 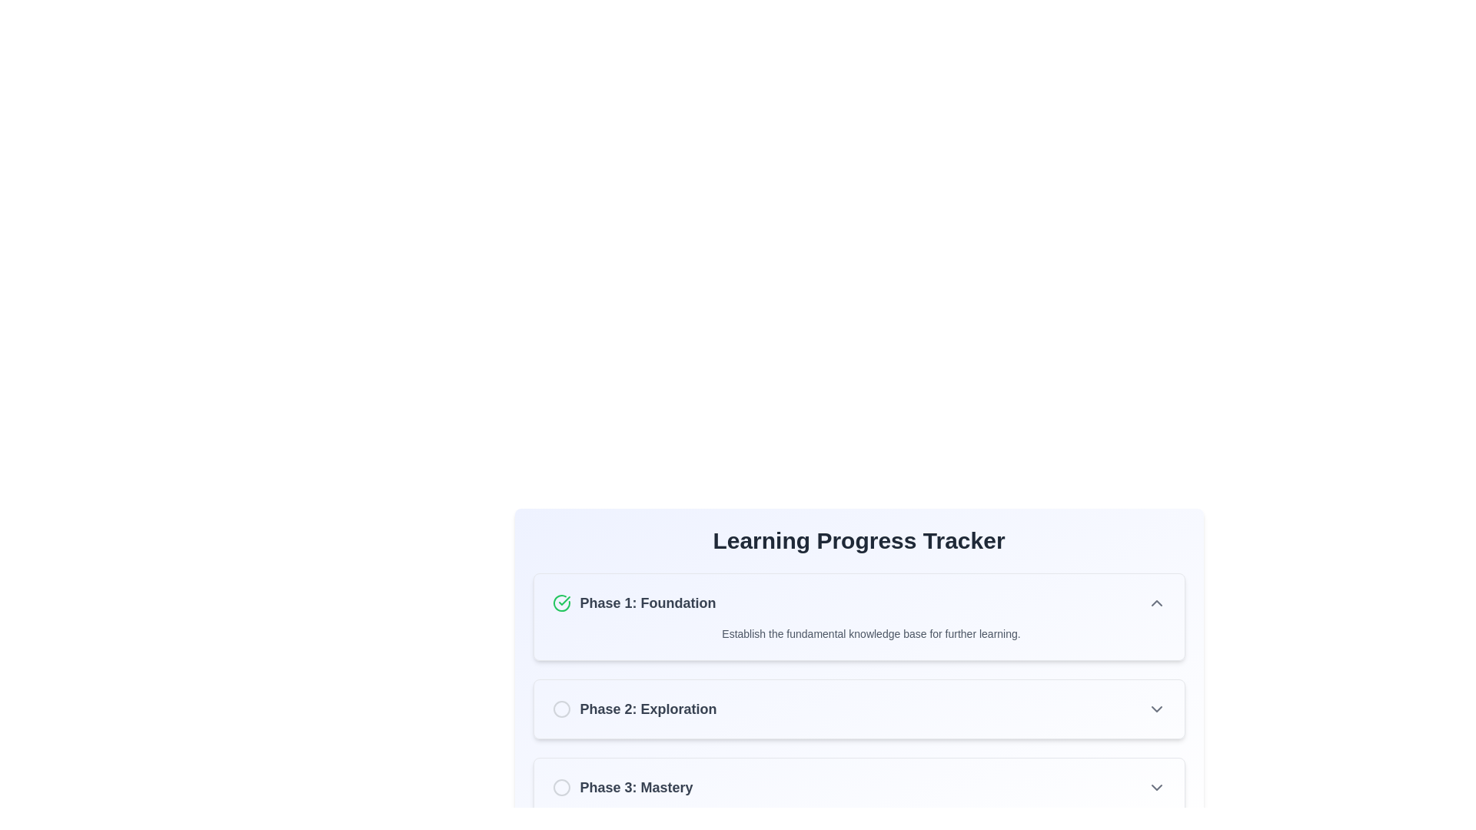 What do you see at coordinates (634, 603) in the screenshot?
I see `text of the first item in the 'Learning Progress Tracker' list, which reads 'Phase 1: Foundation' and includes a green checkmark icon indicating completion` at bounding box center [634, 603].